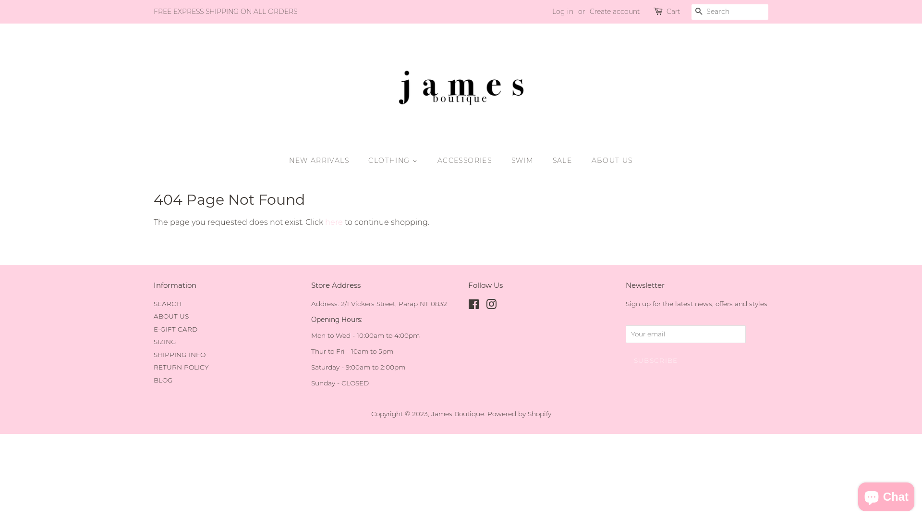 The height and width of the screenshot is (519, 922). I want to click on 'SHIPPING INFO', so click(180, 354).